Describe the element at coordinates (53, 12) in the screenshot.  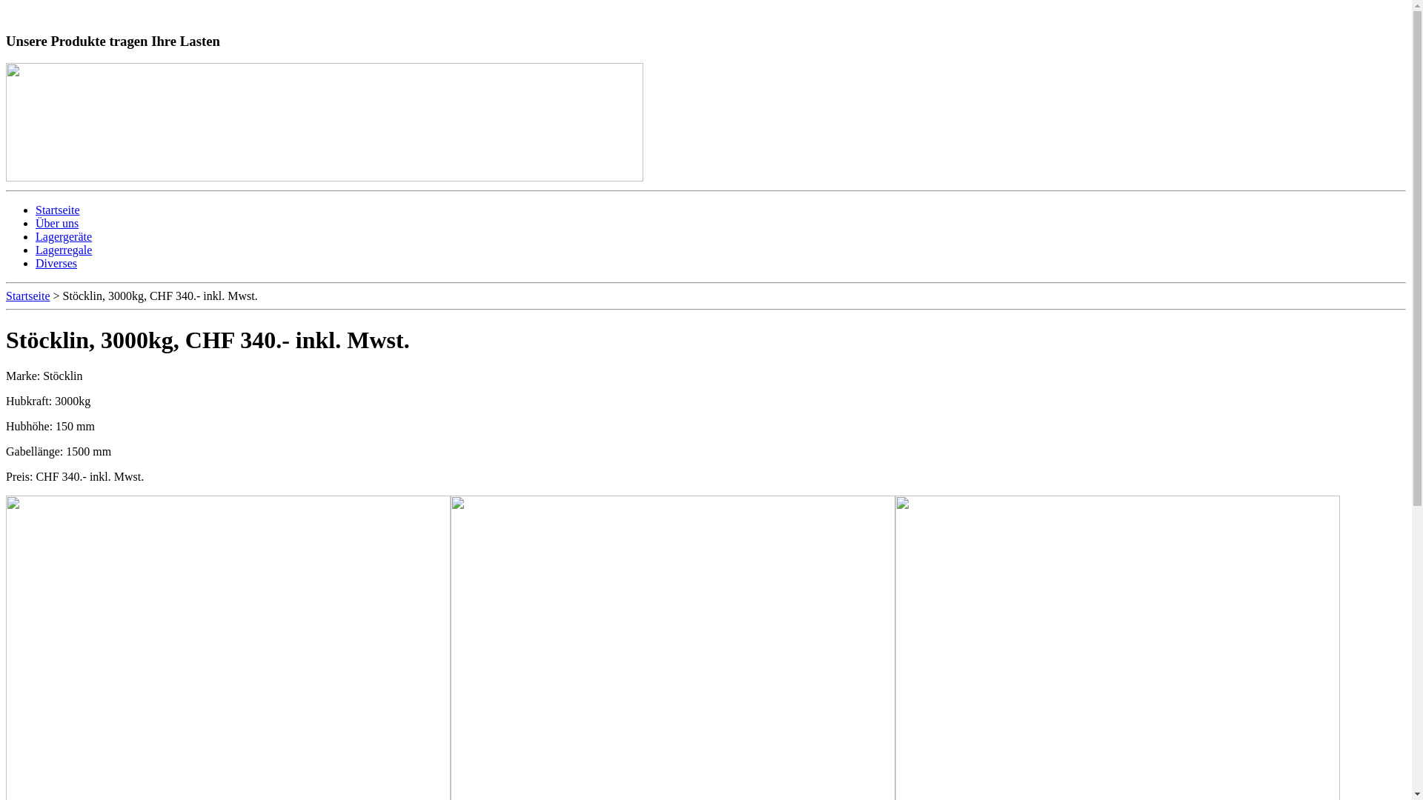
I see `'Zur Startseite'` at that location.